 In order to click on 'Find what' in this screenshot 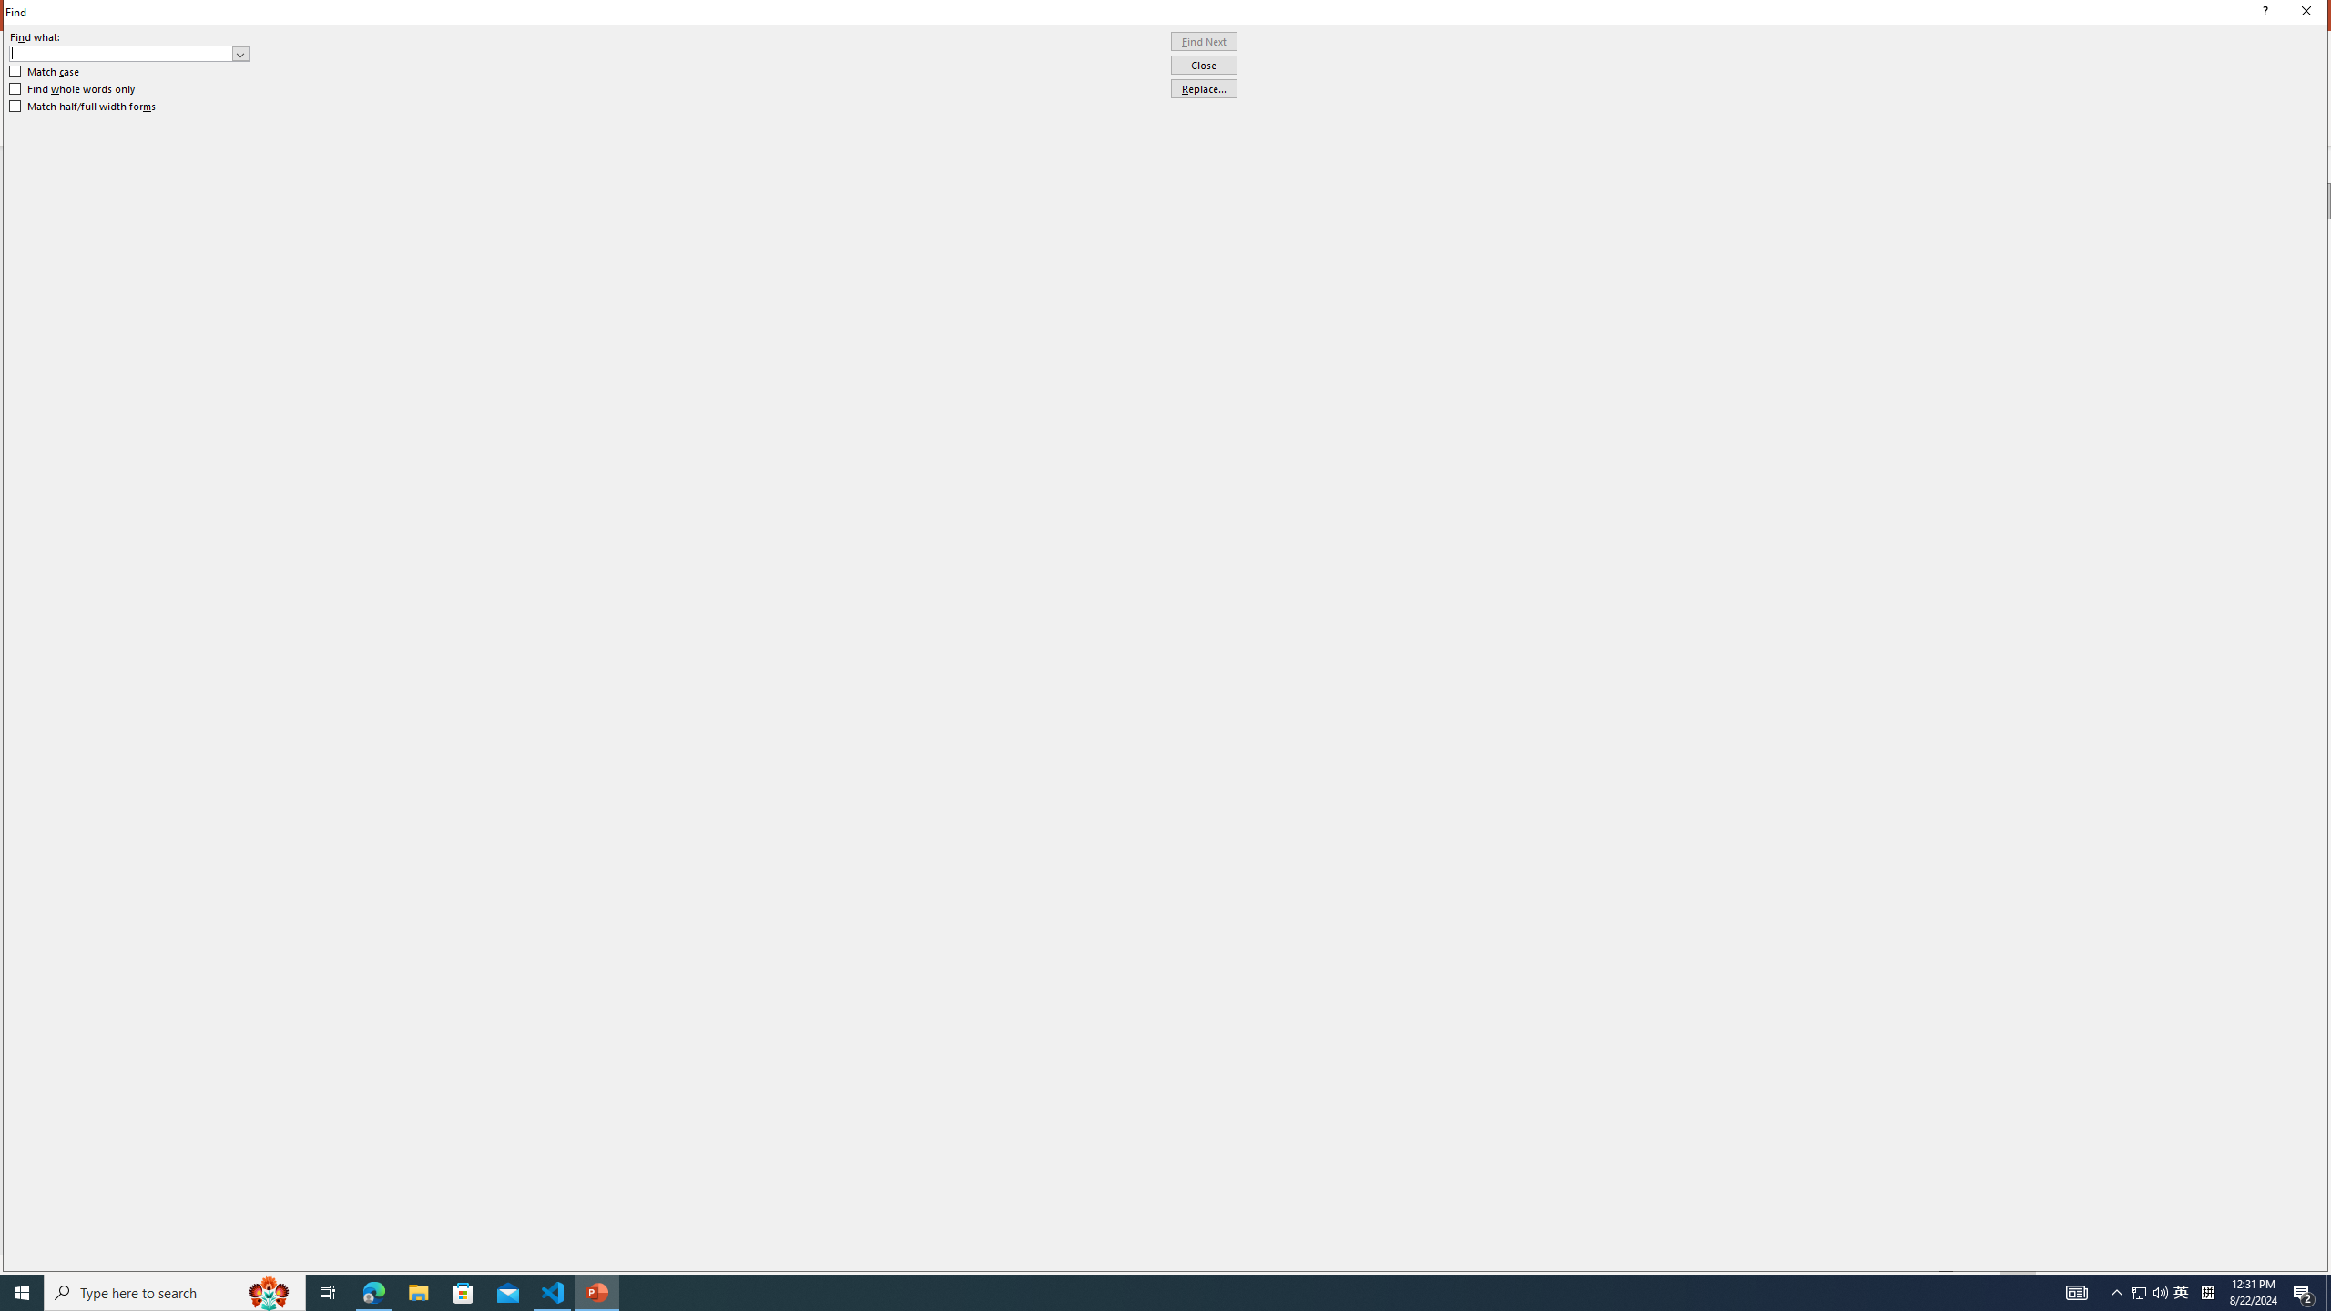, I will do `click(129, 53)`.